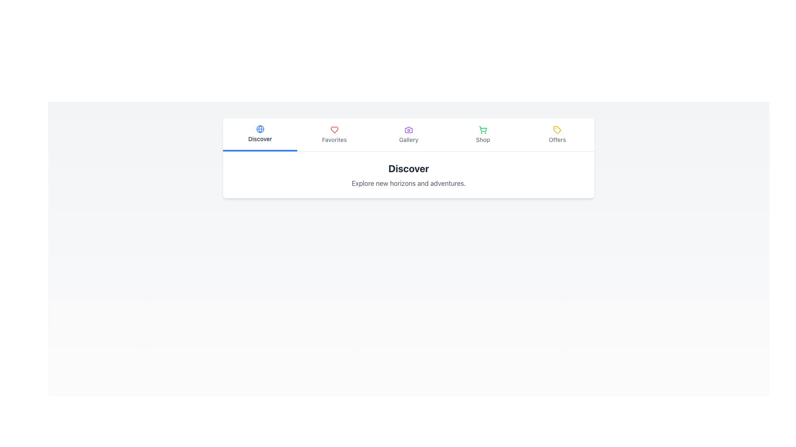  I want to click on the third icon in the navigation bar that represents the 'Gallery' section, which is visually associated with accessing gallery-related functionality, so click(408, 130).